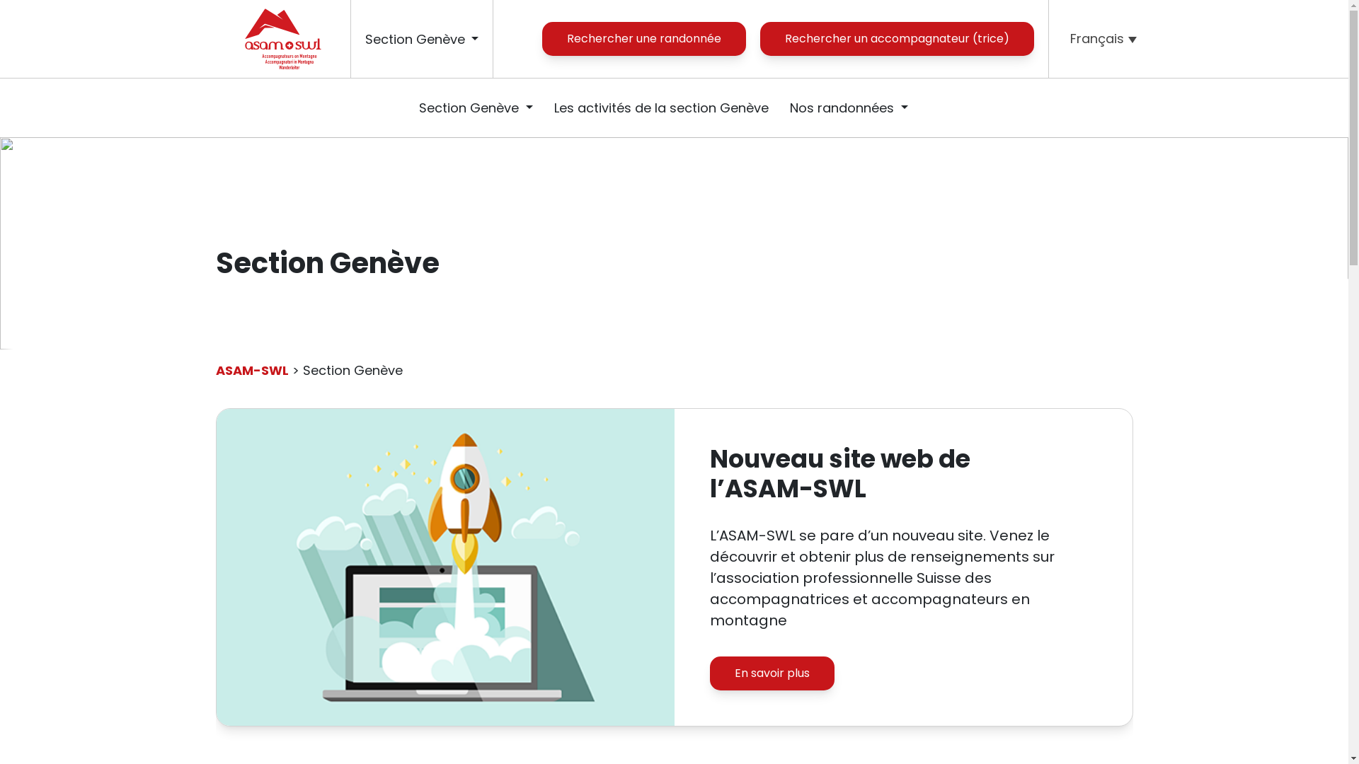  Describe the element at coordinates (770, 673) in the screenshot. I see `'En savoir plus'` at that location.